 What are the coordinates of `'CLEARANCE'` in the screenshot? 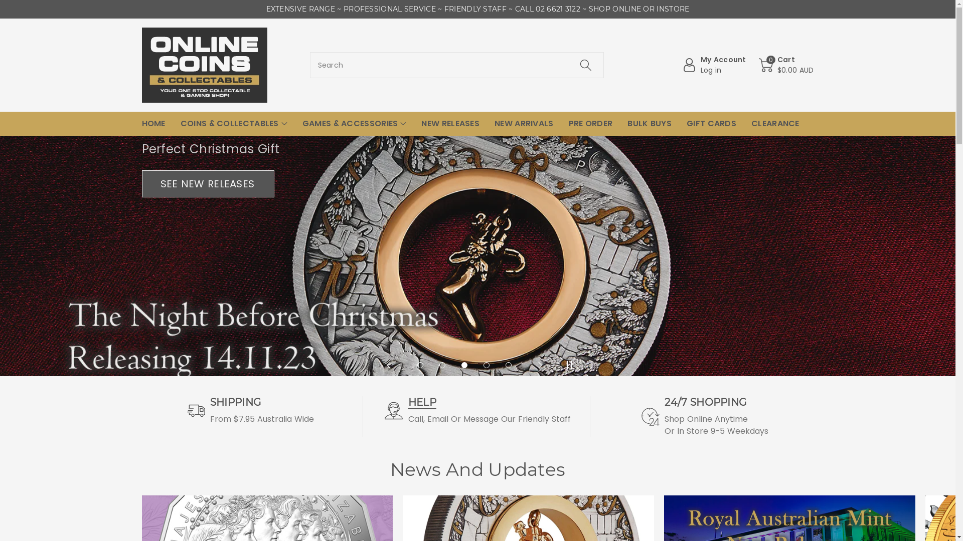 It's located at (774, 123).